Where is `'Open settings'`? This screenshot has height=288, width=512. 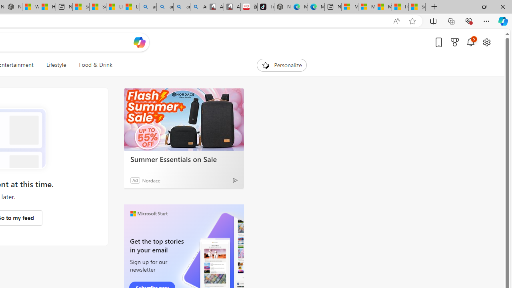 'Open settings' is located at coordinates (486, 42).